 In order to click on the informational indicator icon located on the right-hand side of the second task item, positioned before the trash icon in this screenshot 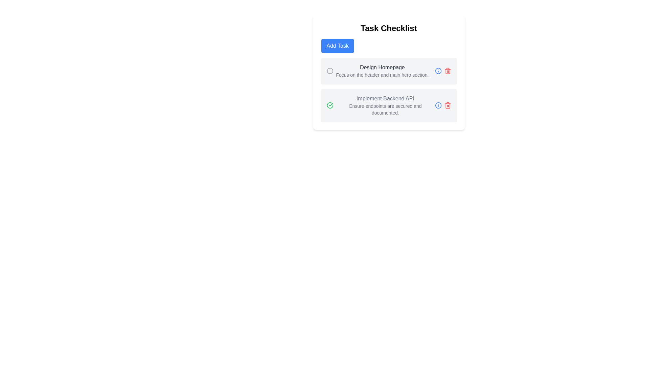, I will do `click(438, 105)`.